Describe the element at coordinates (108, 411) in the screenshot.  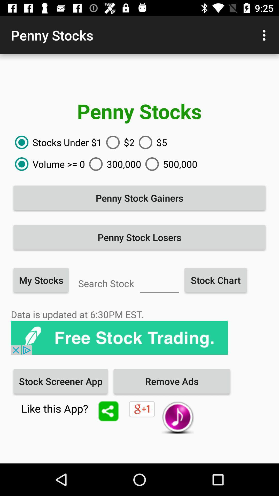
I see `share the app` at that location.